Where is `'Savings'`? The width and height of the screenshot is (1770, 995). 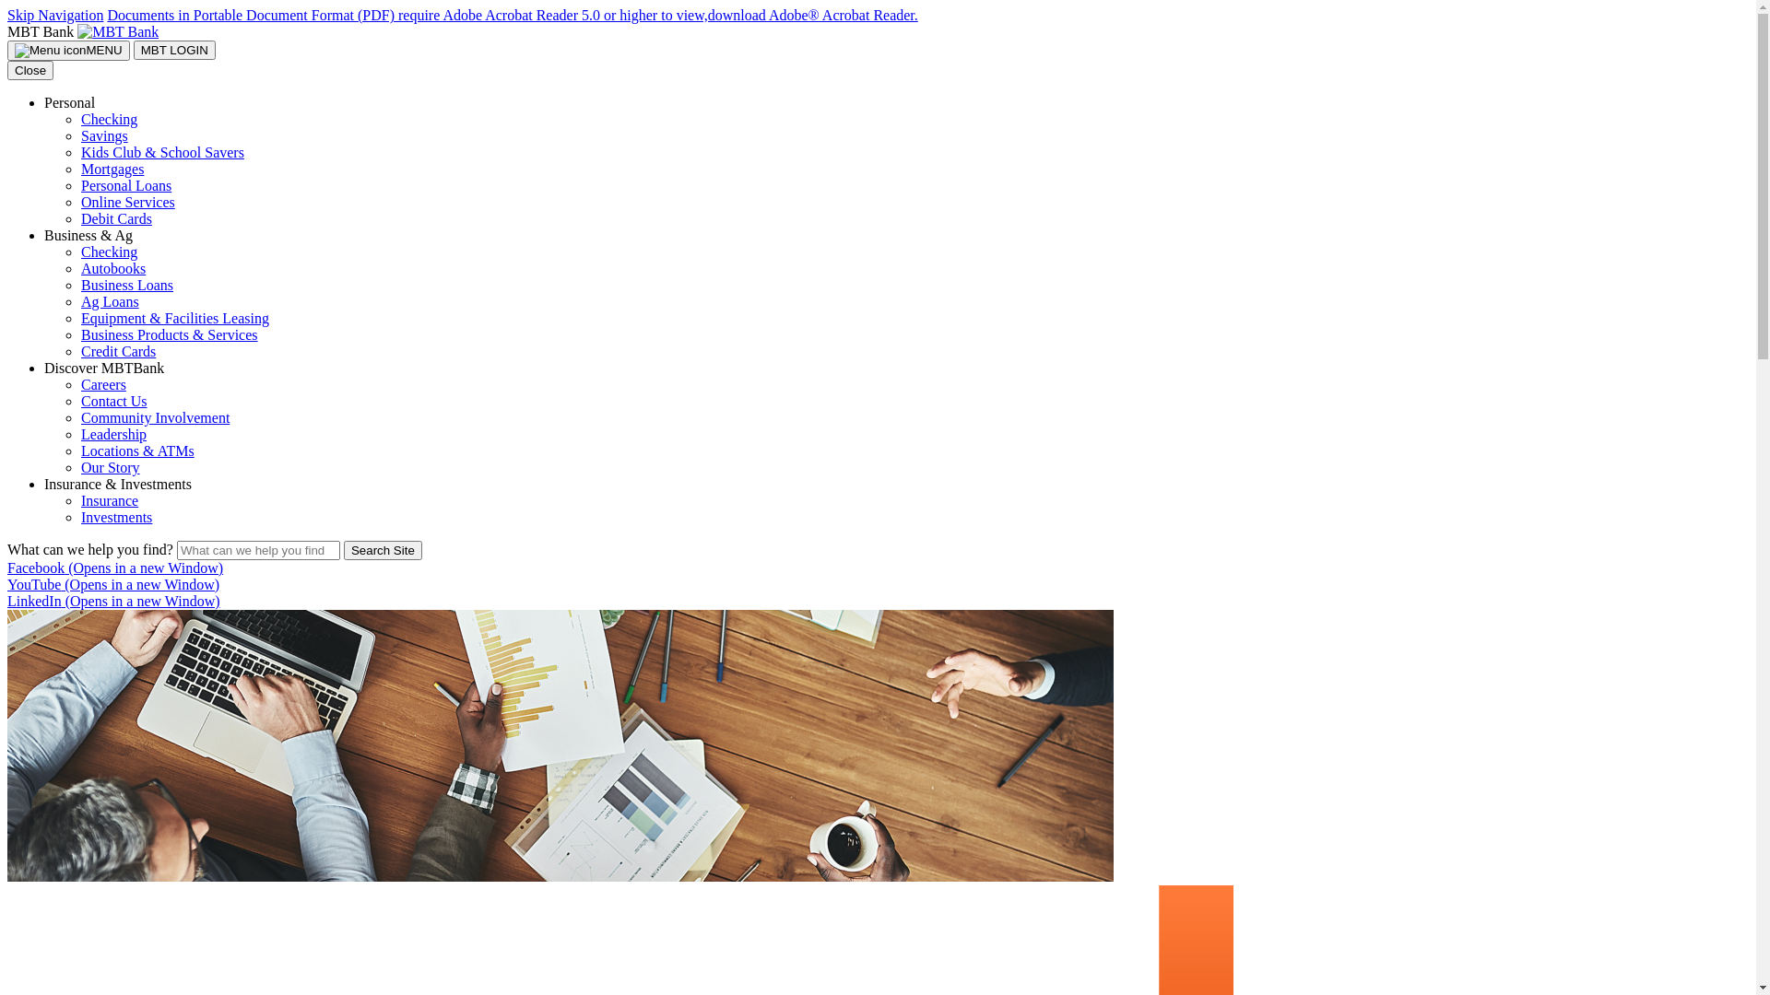
'Savings' is located at coordinates (103, 135).